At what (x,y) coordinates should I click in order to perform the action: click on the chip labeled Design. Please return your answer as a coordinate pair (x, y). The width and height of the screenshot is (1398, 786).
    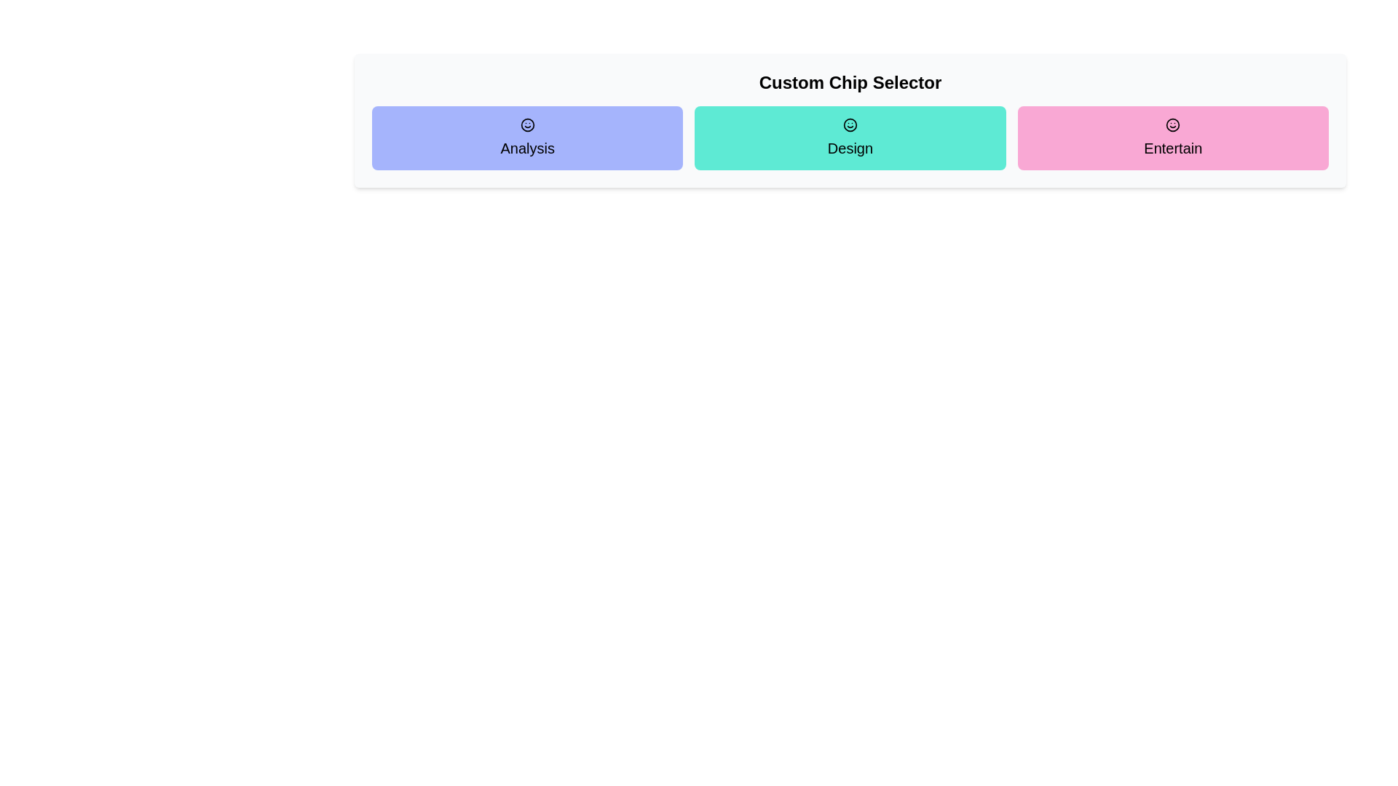
    Looking at the image, I should click on (850, 138).